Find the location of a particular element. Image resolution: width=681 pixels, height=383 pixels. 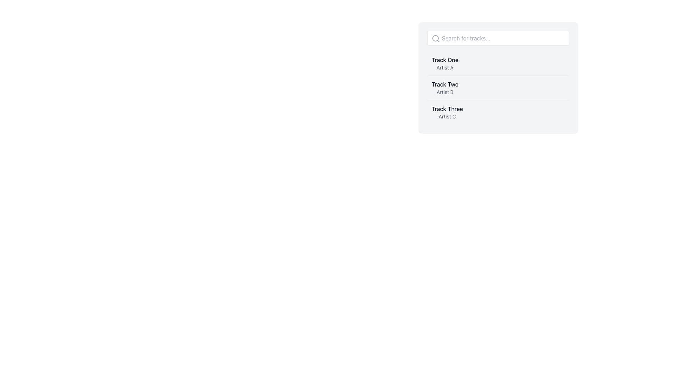

the list item displaying 'Track Three' and 'Artist C' is located at coordinates (447, 112).